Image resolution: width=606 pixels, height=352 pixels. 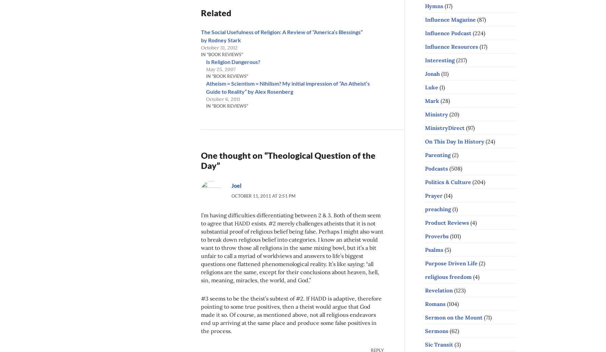 What do you see at coordinates (445, 303) in the screenshot?
I see `'(104)'` at bounding box center [445, 303].